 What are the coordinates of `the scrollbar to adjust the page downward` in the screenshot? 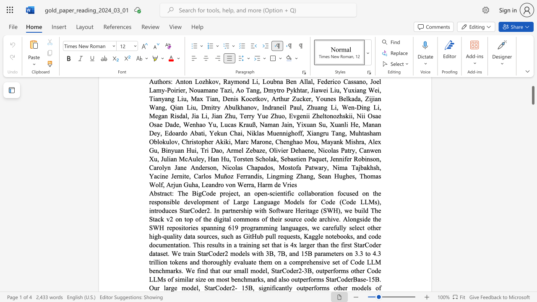 It's located at (532, 113).